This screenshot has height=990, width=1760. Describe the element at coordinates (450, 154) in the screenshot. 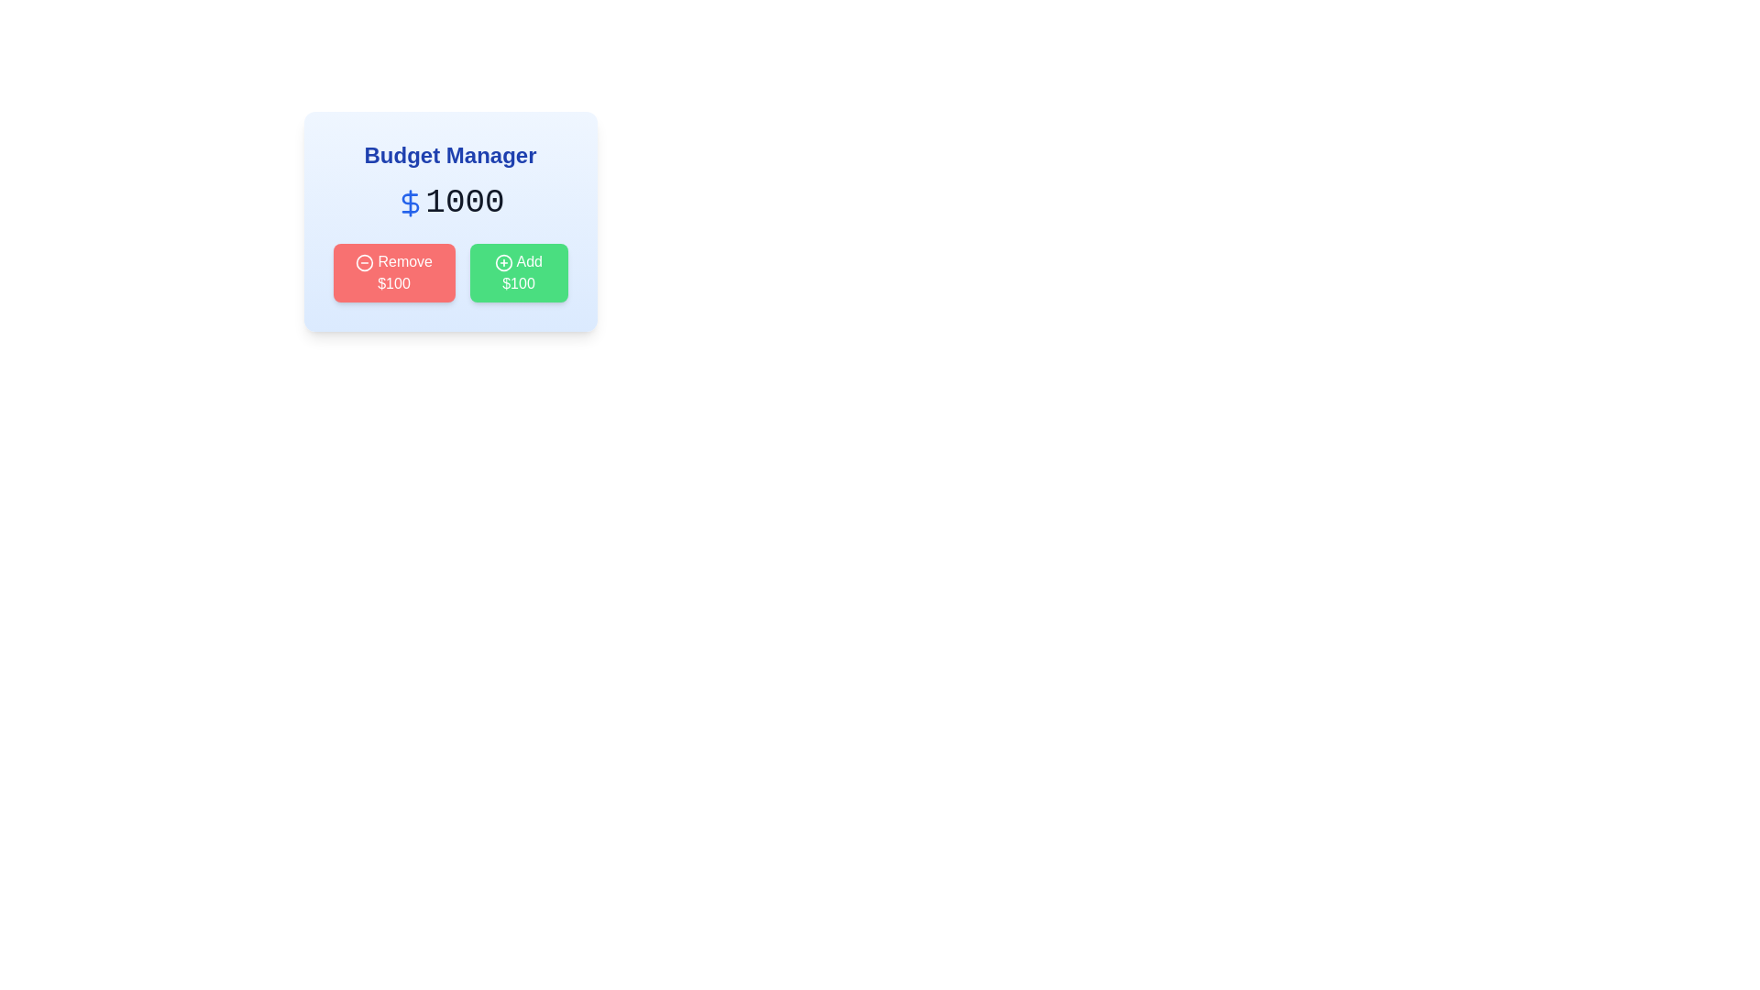

I see `text label that serves as the title or heading for the card component, located at the center top of the card` at that location.